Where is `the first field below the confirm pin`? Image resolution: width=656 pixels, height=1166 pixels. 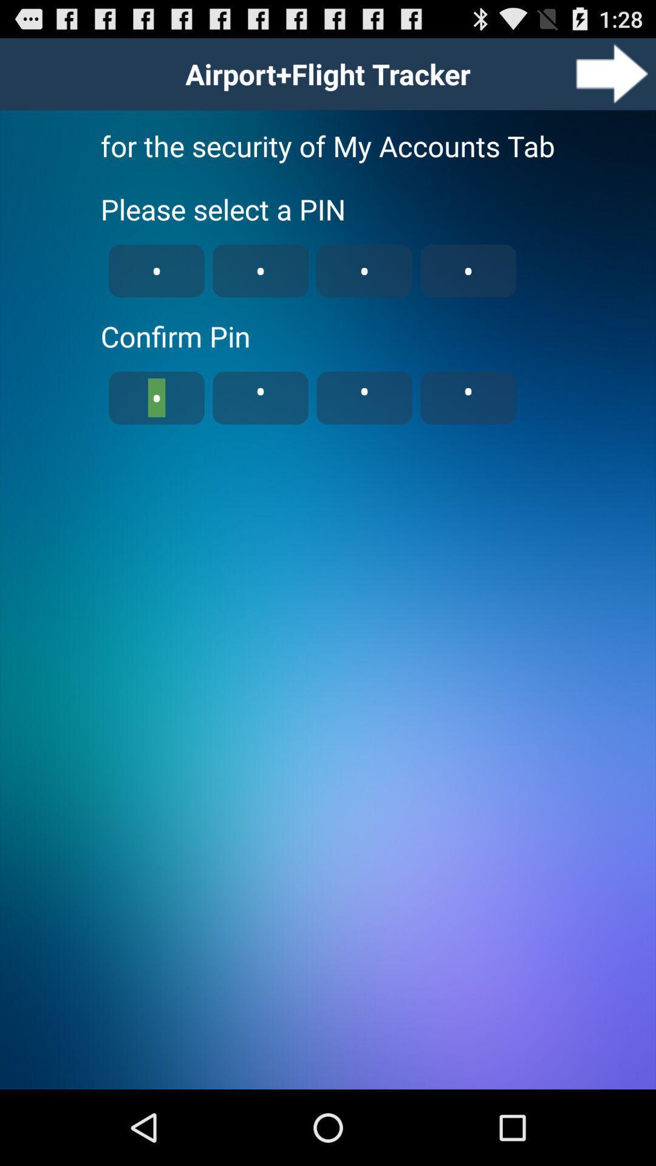
the first field below the confirm pin is located at coordinates (156, 398).